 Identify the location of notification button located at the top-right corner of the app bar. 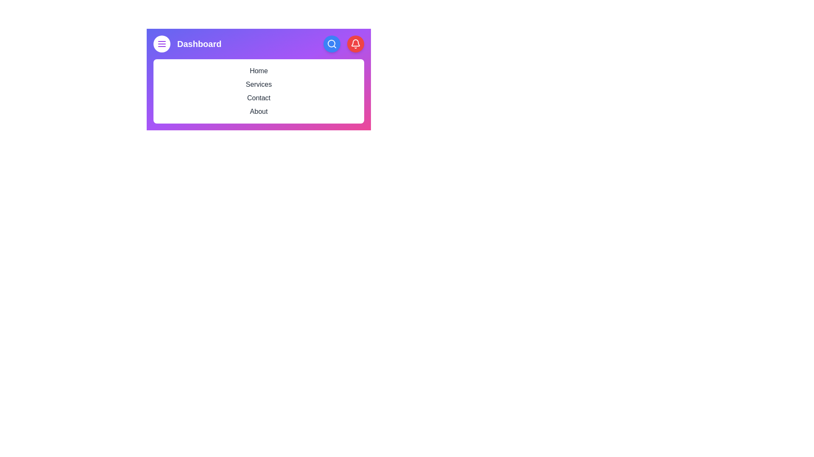
(356, 44).